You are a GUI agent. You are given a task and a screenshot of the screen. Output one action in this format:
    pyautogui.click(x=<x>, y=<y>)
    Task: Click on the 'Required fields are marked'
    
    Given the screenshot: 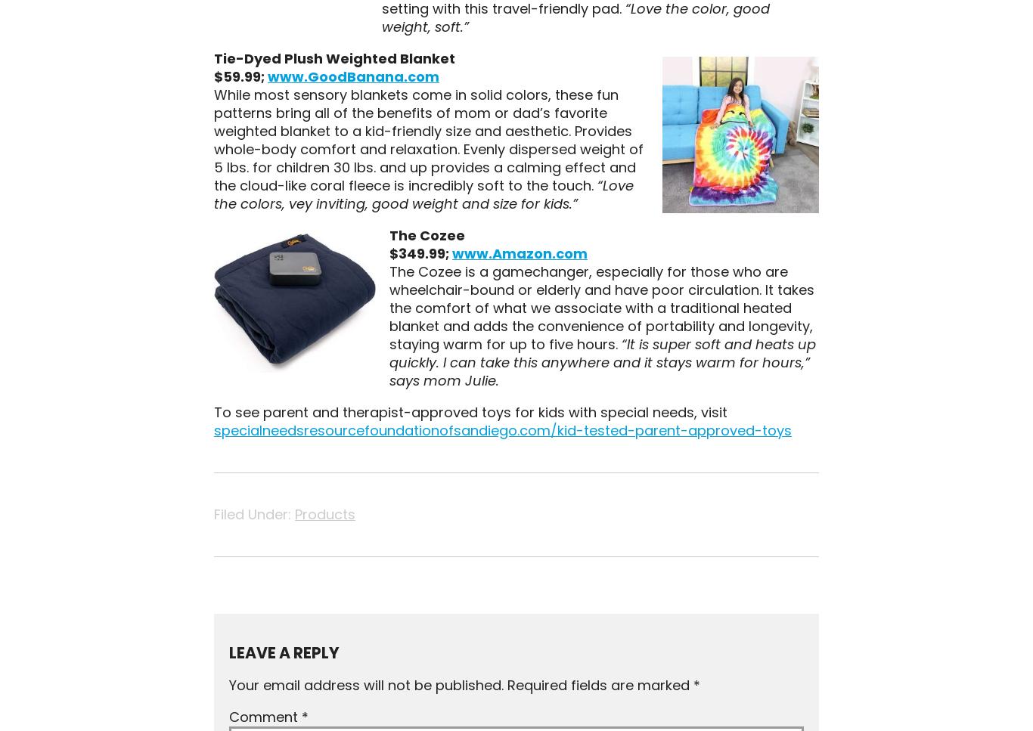 What is the action you would take?
    pyautogui.click(x=599, y=684)
    